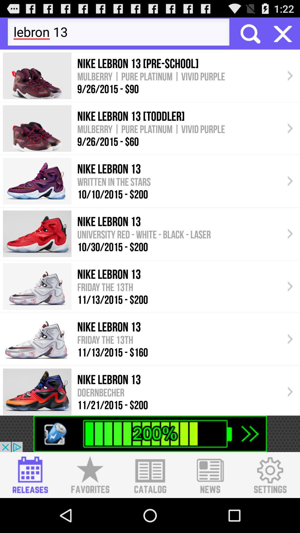 Image resolution: width=300 pixels, height=533 pixels. What do you see at coordinates (249, 33) in the screenshot?
I see `search` at bounding box center [249, 33].